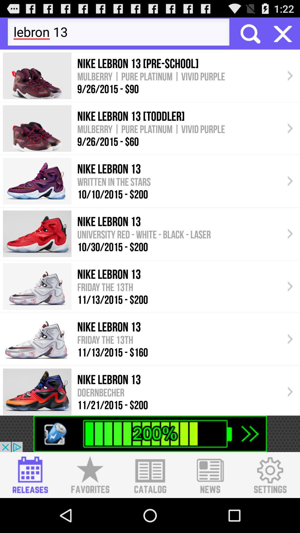 Image resolution: width=300 pixels, height=533 pixels. What do you see at coordinates (249, 33) in the screenshot?
I see `search` at bounding box center [249, 33].